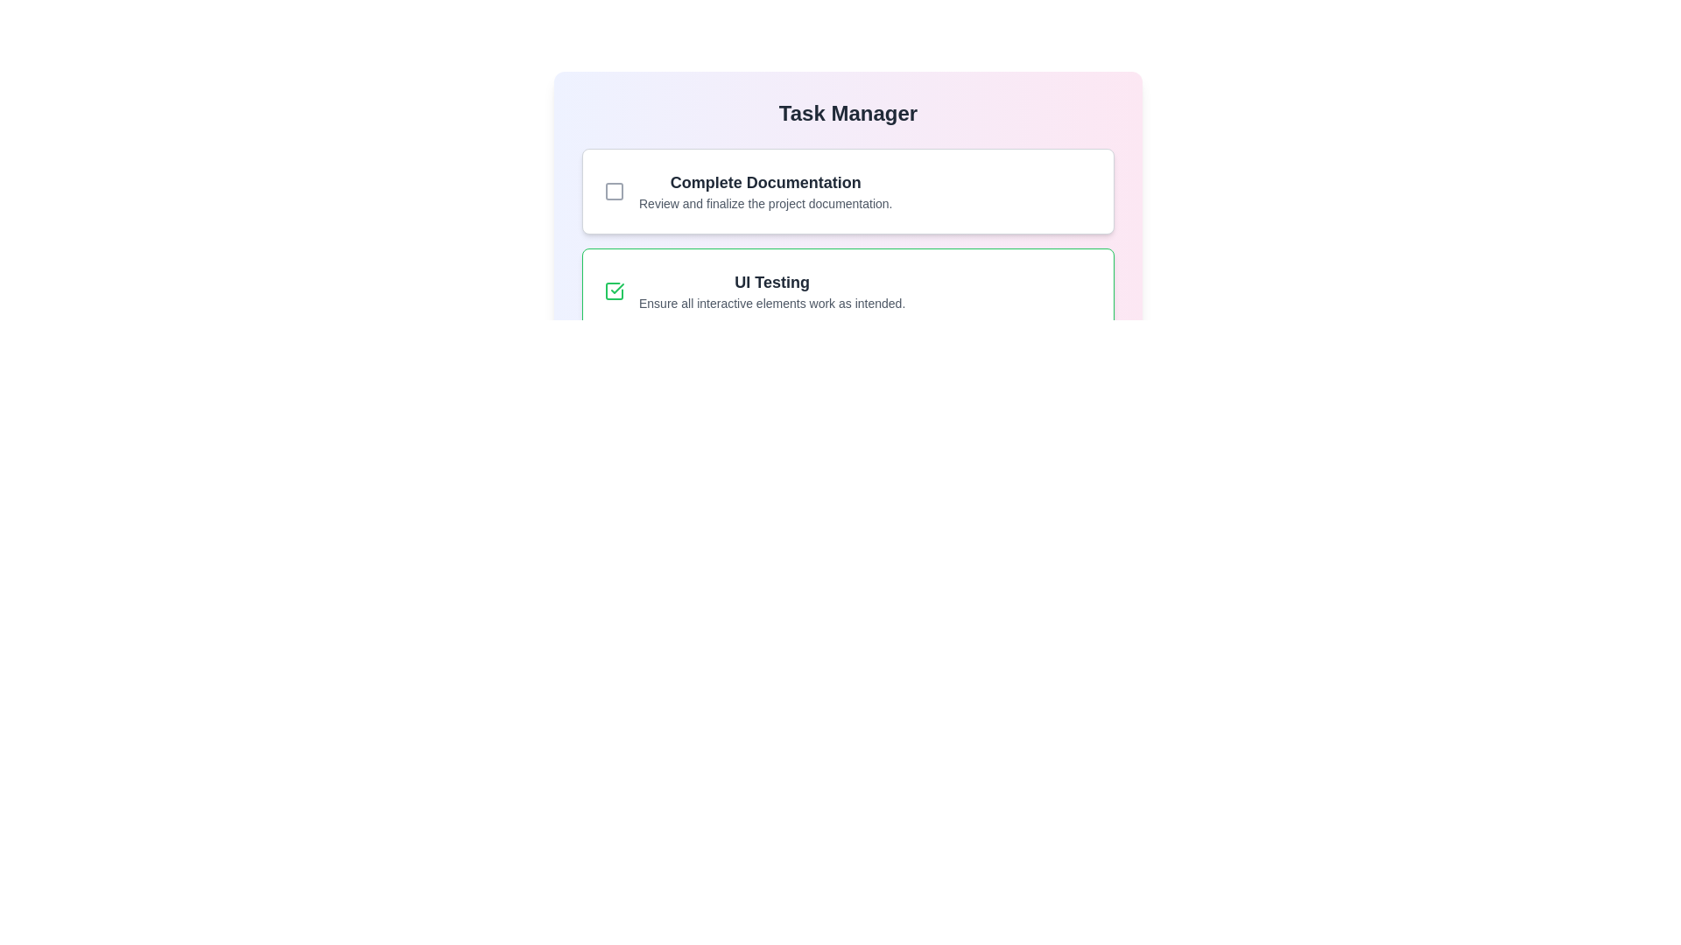 Image resolution: width=1681 pixels, height=945 pixels. What do you see at coordinates (614, 192) in the screenshot?
I see `the inner square icon indicating the pending or incomplete status for the task 'Complete Documentation', located on the left side of the first task item under the 'Task Manager' title` at bounding box center [614, 192].